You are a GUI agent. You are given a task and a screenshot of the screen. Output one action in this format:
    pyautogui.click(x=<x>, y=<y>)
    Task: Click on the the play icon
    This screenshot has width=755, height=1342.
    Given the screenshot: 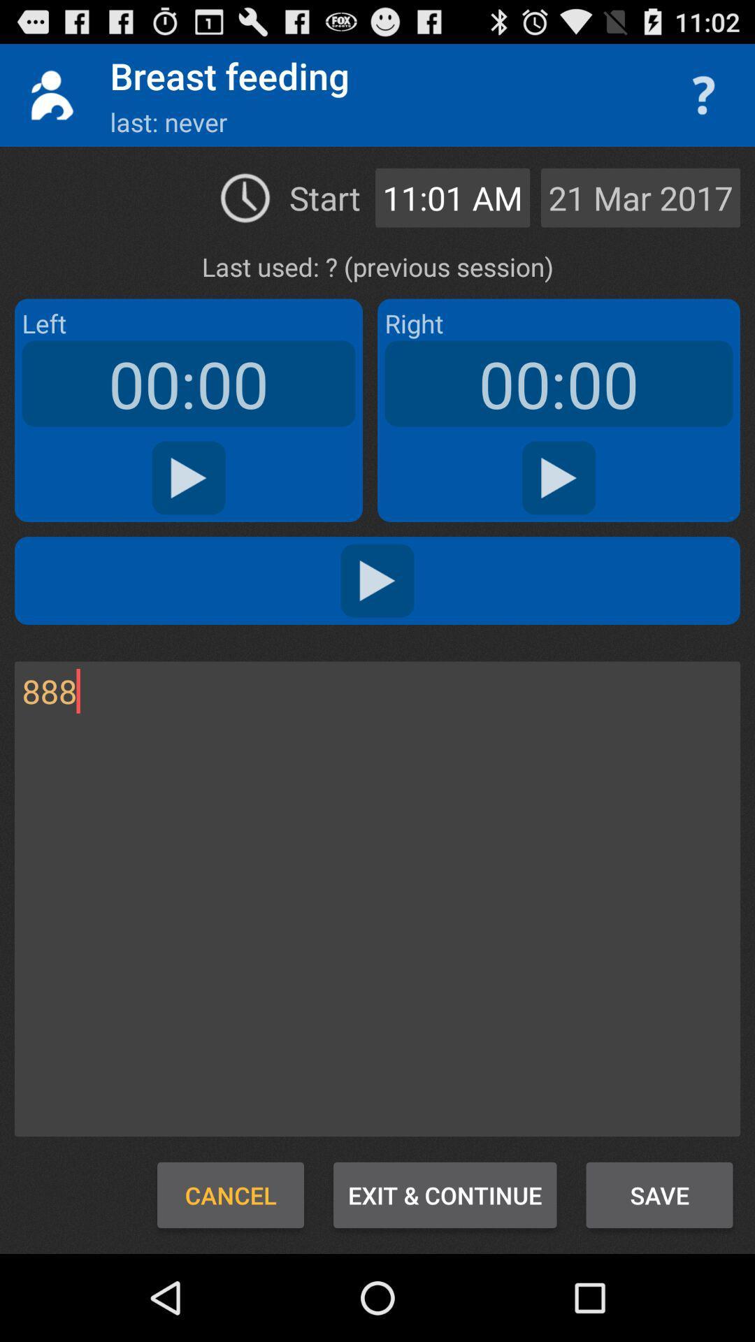 What is the action you would take?
    pyautogui.click(x=558, y=511)
    